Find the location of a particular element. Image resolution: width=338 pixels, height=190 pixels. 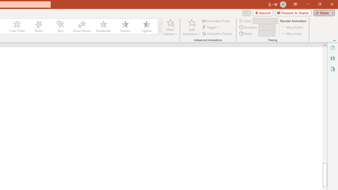

'Animation Styles' is located at coordinates (159, 32).